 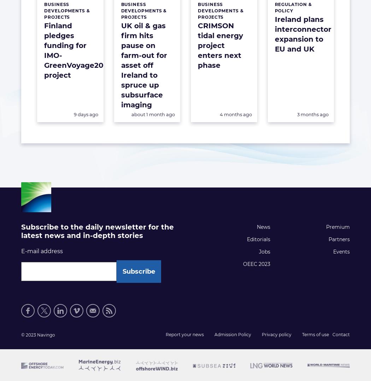 What do you see at coordinates (184, 334) in the screenshot?
I see `'Report your news'` at bounding box center [184, 334].